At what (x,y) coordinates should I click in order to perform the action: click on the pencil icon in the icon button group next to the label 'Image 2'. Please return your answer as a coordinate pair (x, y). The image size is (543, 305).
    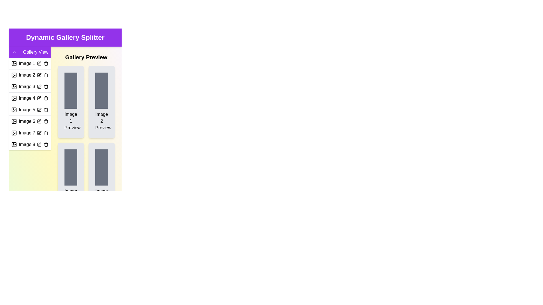
    Looking at the image, I should click on (42, 75).